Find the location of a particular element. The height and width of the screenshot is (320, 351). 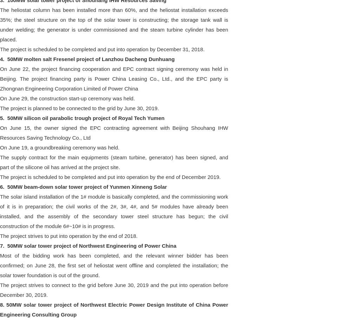

'4.  50MW molten salt Fresenel project of Lanzhou Dacheng Dunhuang' is located at coordinates (88, 59).